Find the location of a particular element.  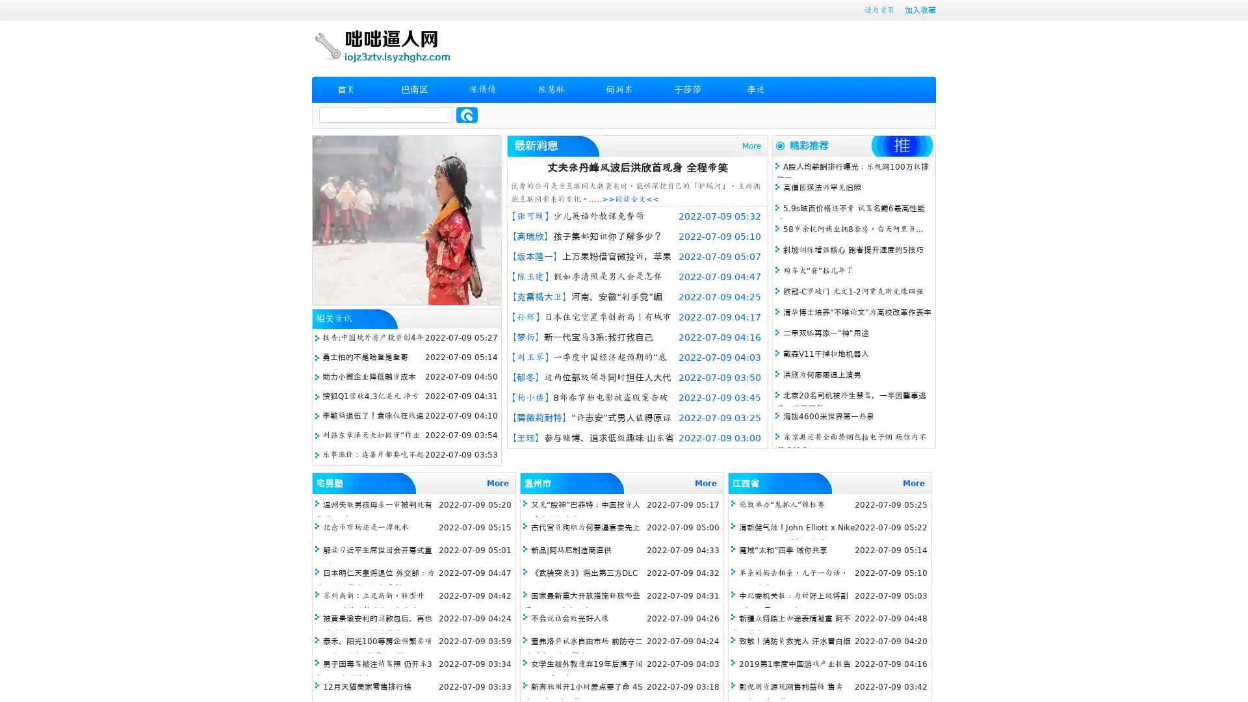

Search is located at coordinates (467, 114).